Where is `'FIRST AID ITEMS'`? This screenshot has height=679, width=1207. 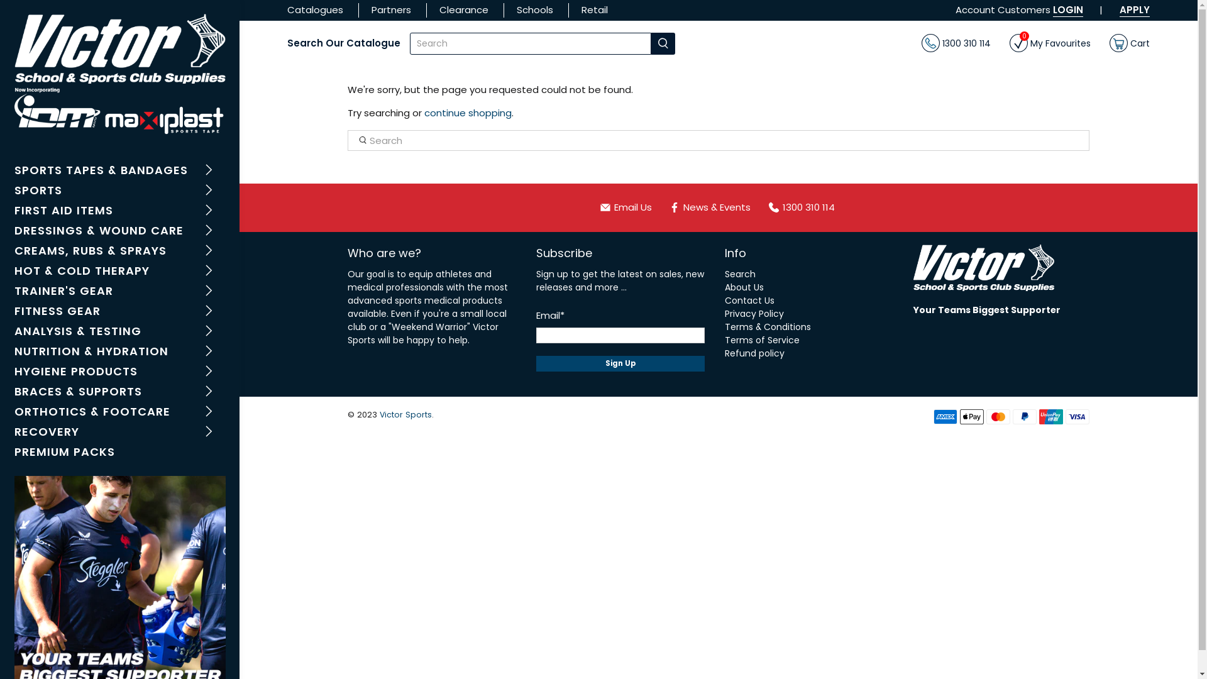 'FIRST AID ITEMS' is located at coordinates (119, 211).